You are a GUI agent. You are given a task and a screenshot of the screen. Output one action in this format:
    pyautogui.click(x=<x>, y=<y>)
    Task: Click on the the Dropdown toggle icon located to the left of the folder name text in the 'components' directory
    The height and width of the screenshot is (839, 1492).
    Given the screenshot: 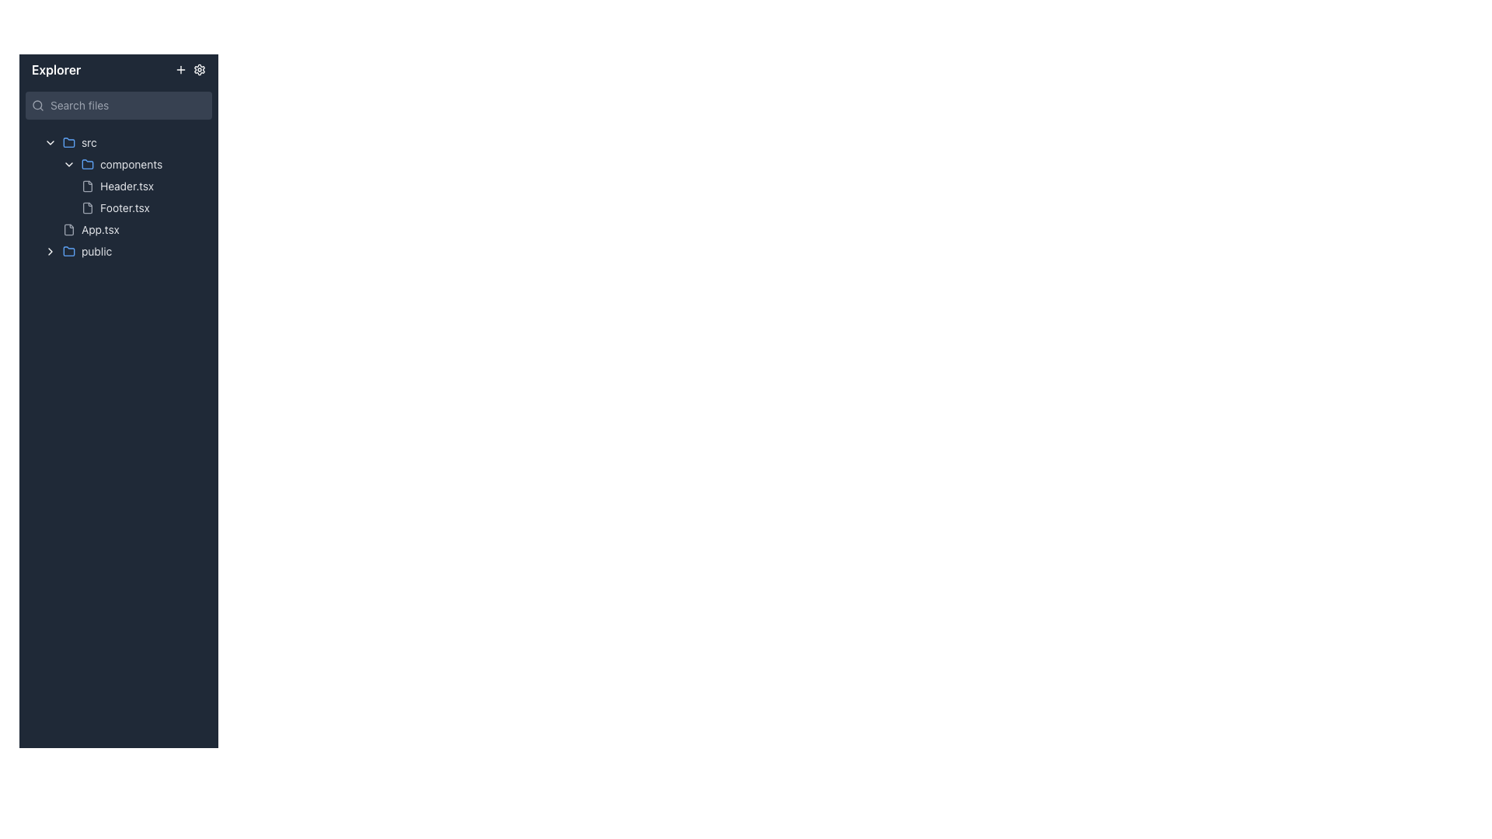 What is the action you would take?
    pyautogui.click(x=68, y=165)
    